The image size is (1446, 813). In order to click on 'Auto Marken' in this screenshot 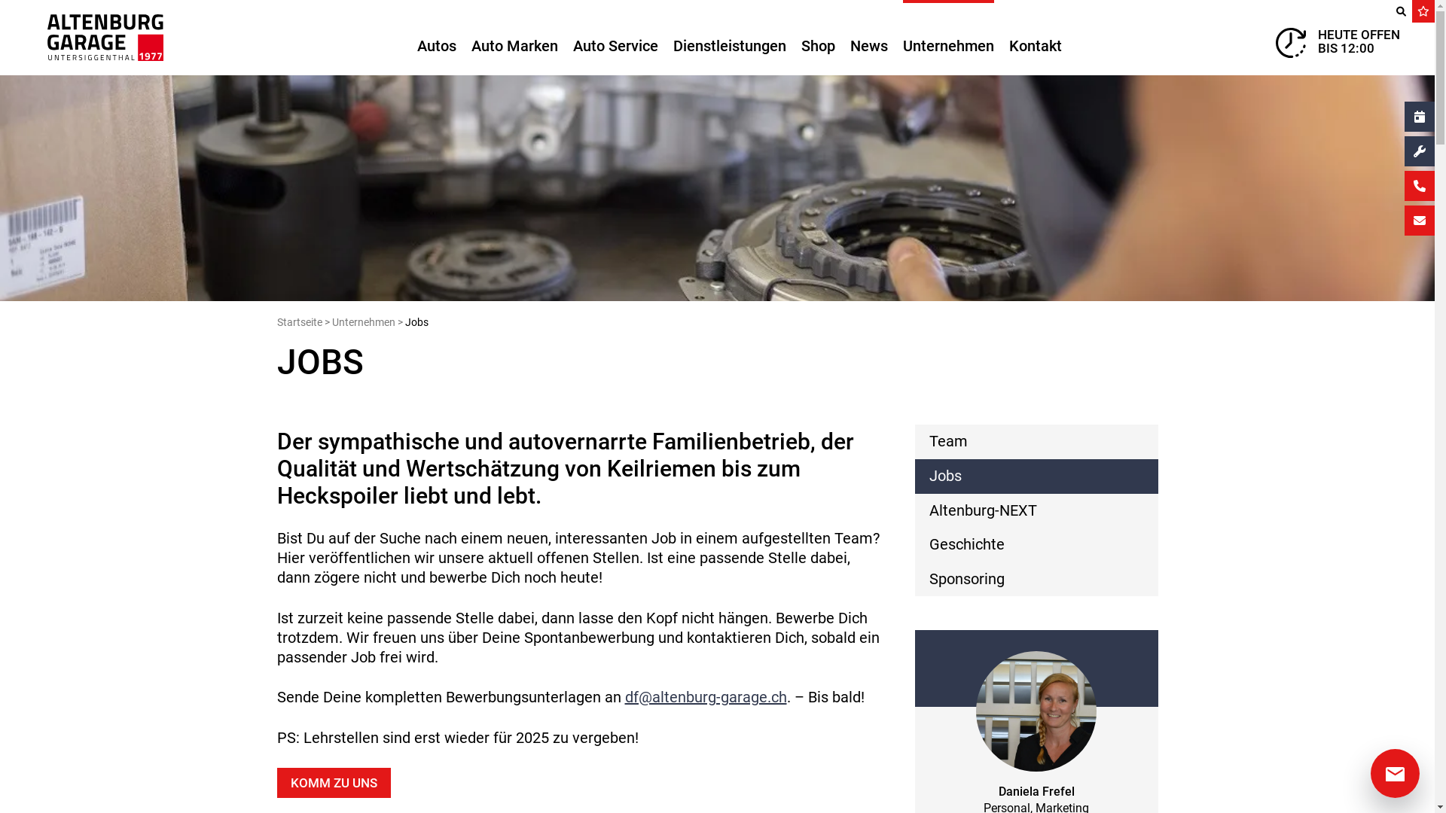, I will do `click(514, 37)`.